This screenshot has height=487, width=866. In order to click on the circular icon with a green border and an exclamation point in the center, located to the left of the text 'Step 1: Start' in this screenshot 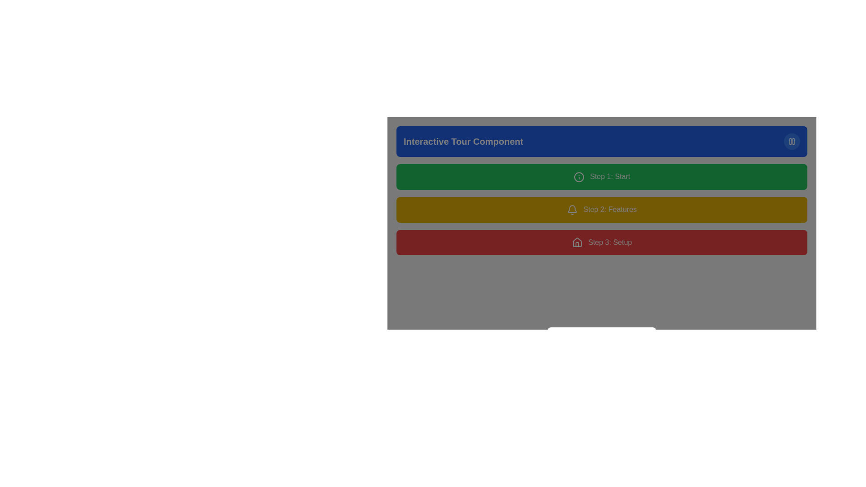, I will do `click(579, 177)`.